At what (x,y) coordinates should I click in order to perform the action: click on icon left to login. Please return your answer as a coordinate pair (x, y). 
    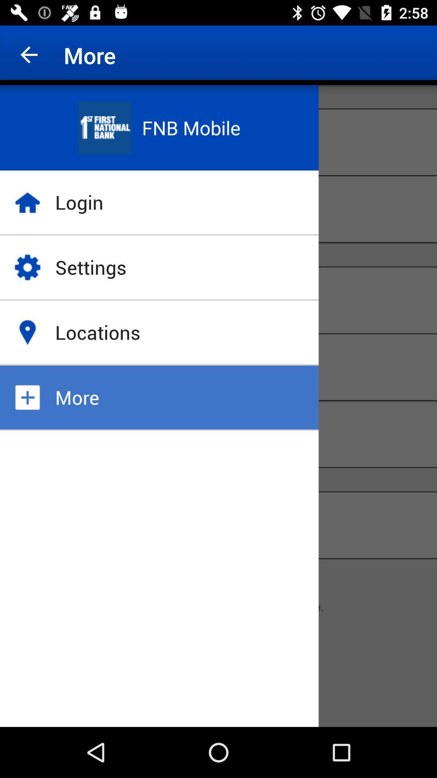
    Looking at the image, I should click on (27, 202).